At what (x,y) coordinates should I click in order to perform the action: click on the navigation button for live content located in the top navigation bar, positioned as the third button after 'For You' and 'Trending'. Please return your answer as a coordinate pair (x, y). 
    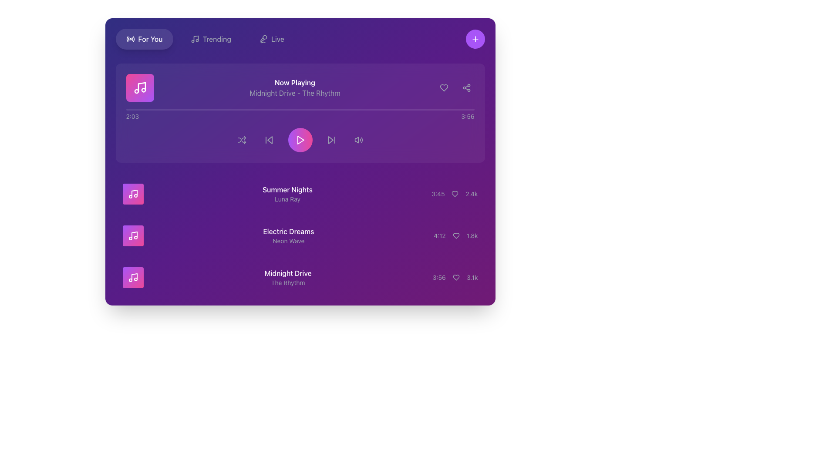
    Looking at the image, I should click on (271, 38).